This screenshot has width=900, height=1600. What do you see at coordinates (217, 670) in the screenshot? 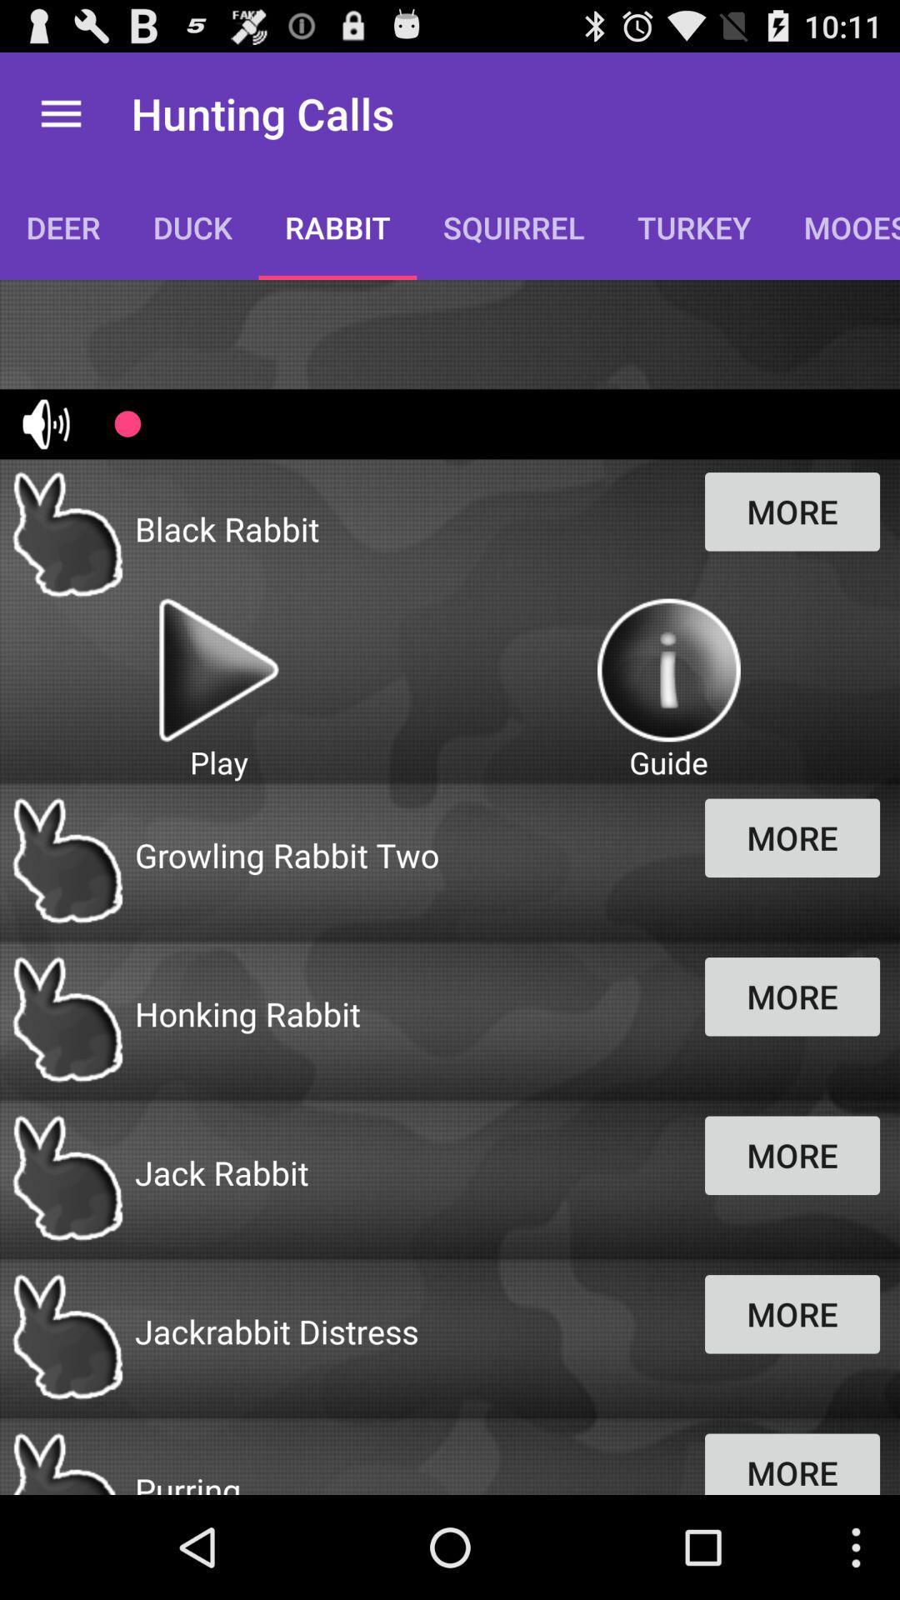
I see `audio` at bounding box center [217, 670].